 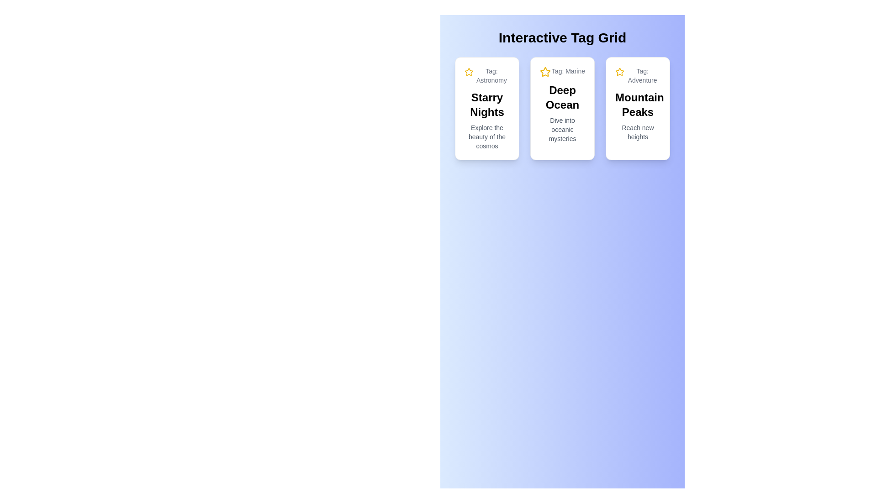 I want to click on the icon that allows users to mark or rate the grid item in the second card titled 'Deep Ocean', located to the left of the card's title 'Tag: Marine', so click(x=545, y=72).